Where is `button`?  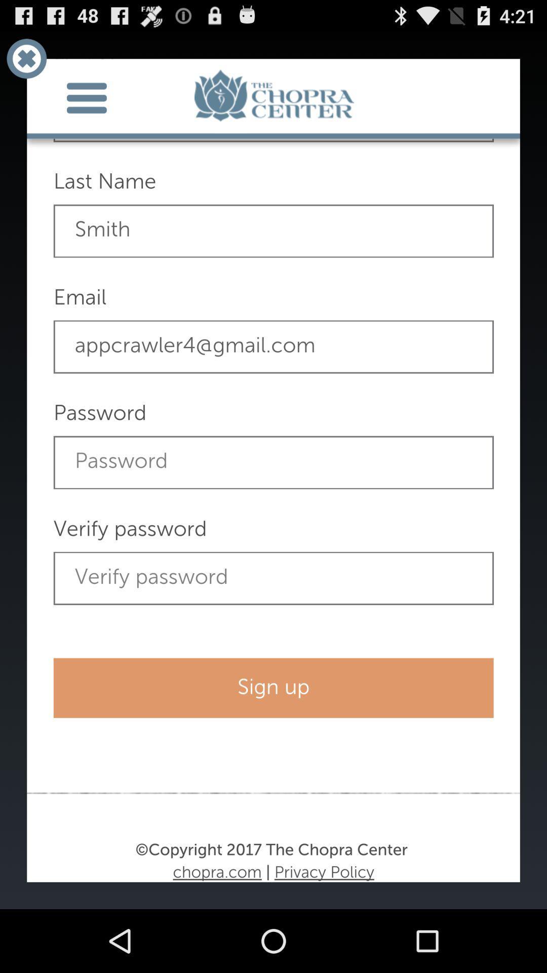
button is located at coordinates (26, 58).